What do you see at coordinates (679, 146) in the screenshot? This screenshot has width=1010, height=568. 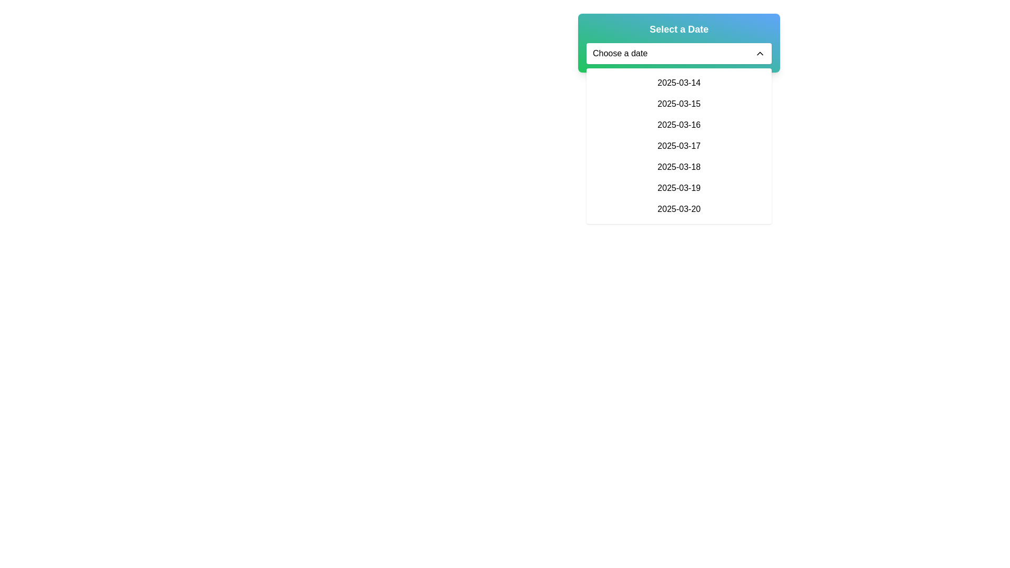 I see `the fourth date '2025-03-17' in the dropdown menu located below the 'Choose a date' button` at bounding box center [679, 146].